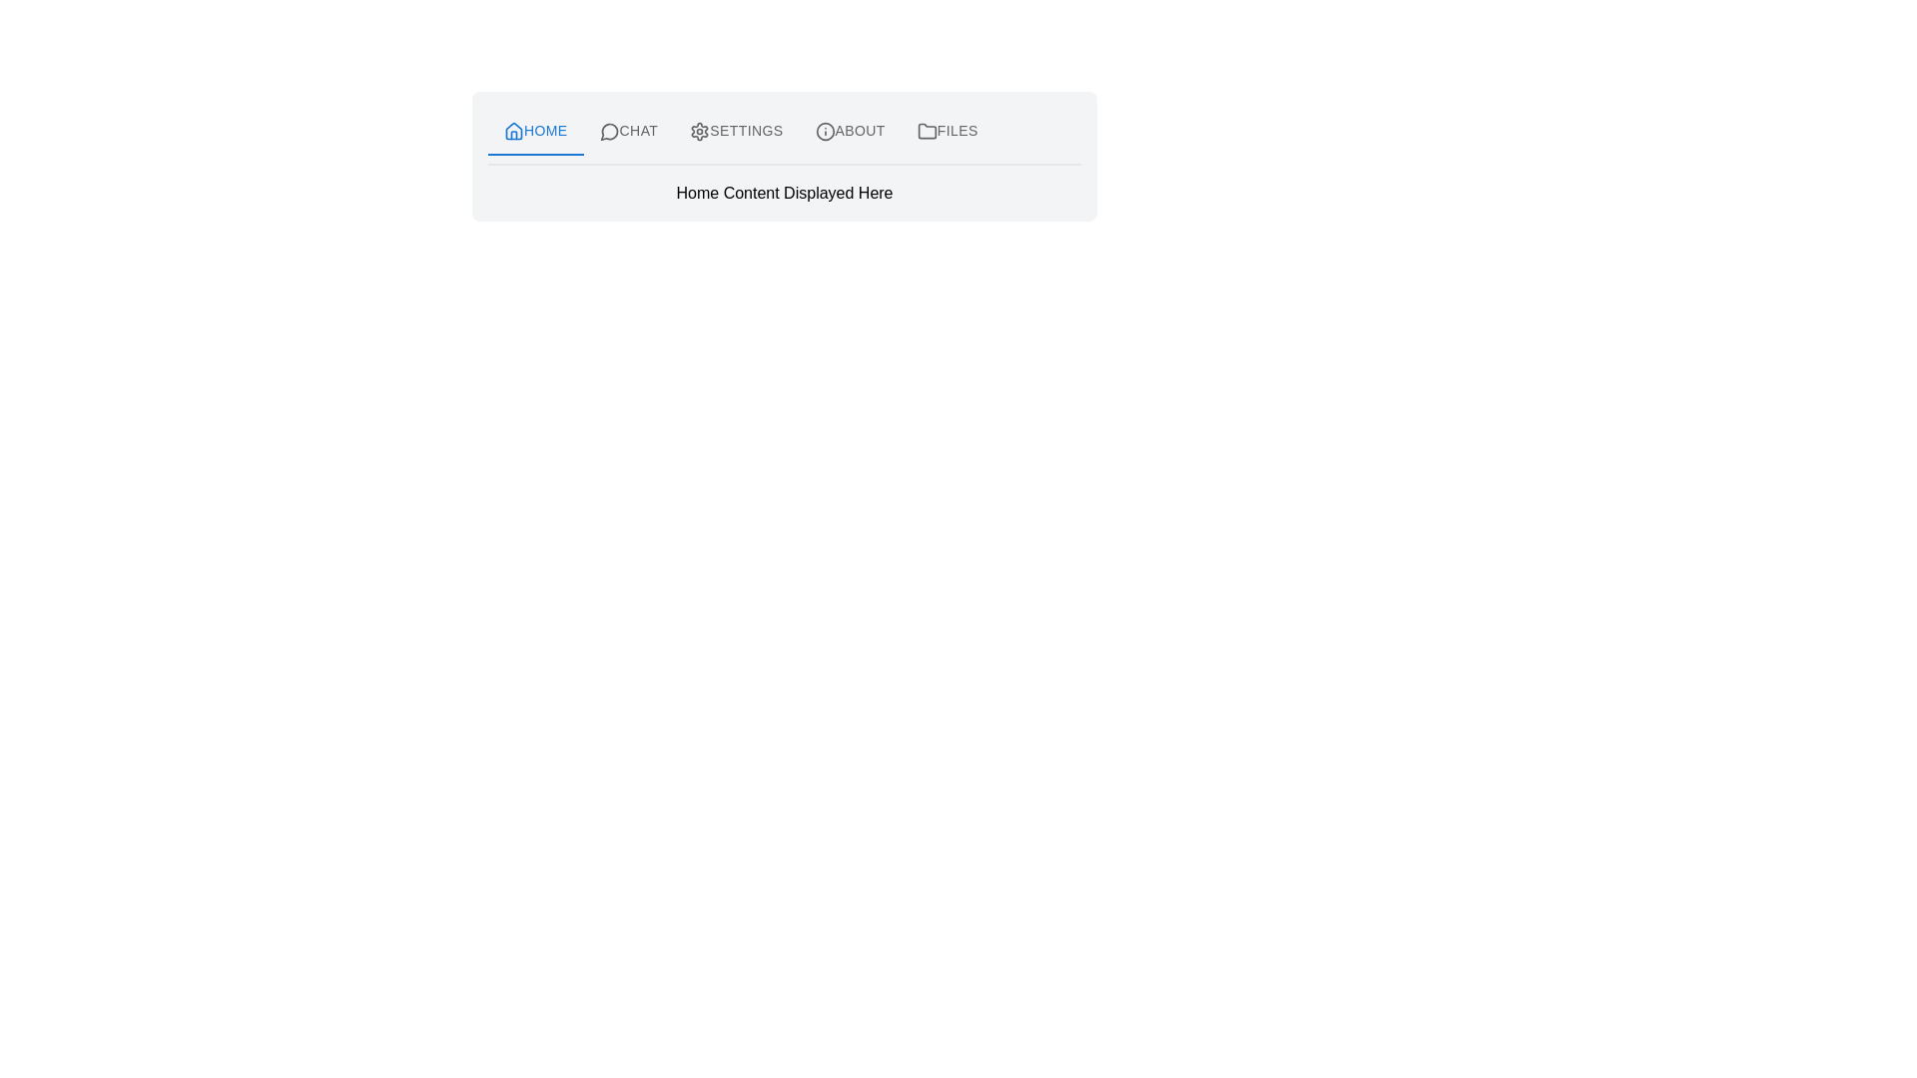 This screenshot has height=1078, width=1917. Describe the element at coordinates (850, 131) in the screenshot. I see `the fourth tab in the navigation bar` at that location.